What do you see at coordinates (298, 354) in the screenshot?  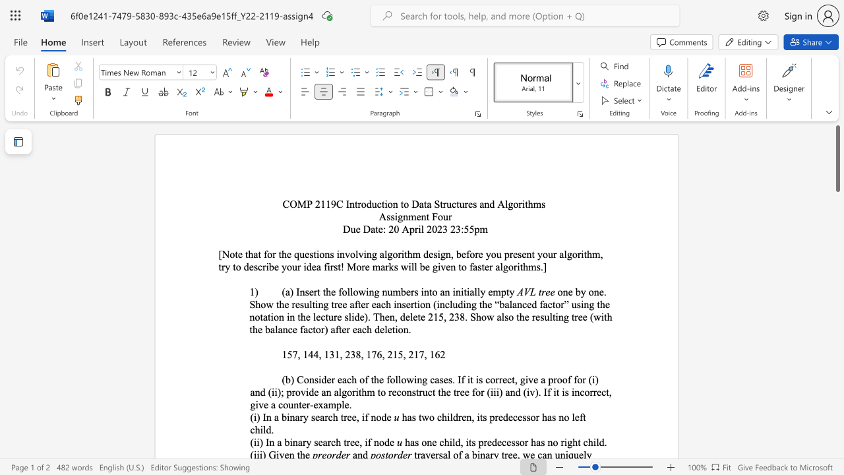 I see `the 1th character "," in the text` at bounding box center [298, 354].